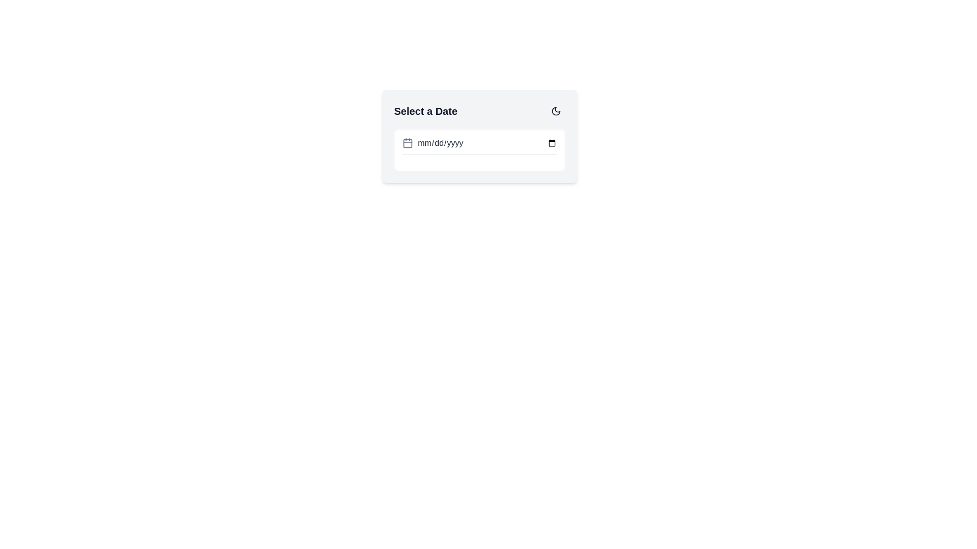 The image size is (977, 549). Describe the element at coordinates (555, 111) in the screenshot. I see `the toggle button for dark mode, which features a moon icon, located to the right of the 'Select a Date' heading` at that location.